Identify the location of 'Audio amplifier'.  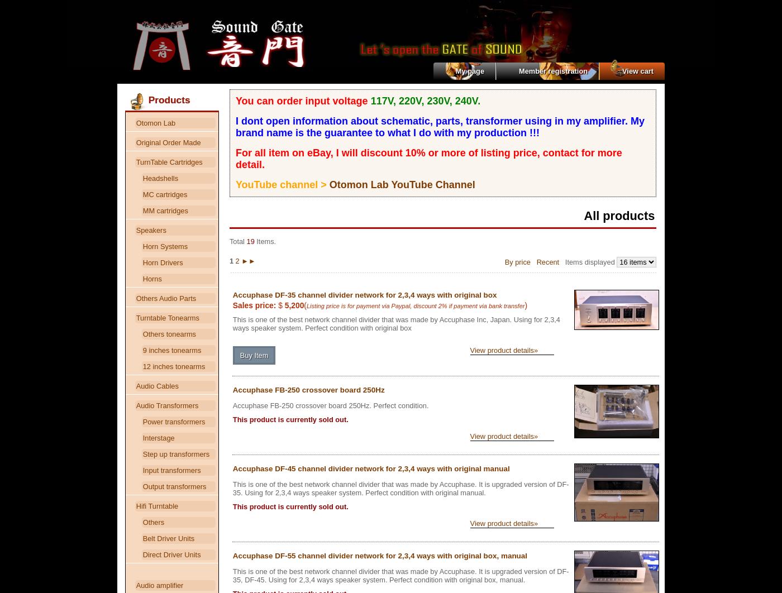
(159, 585).